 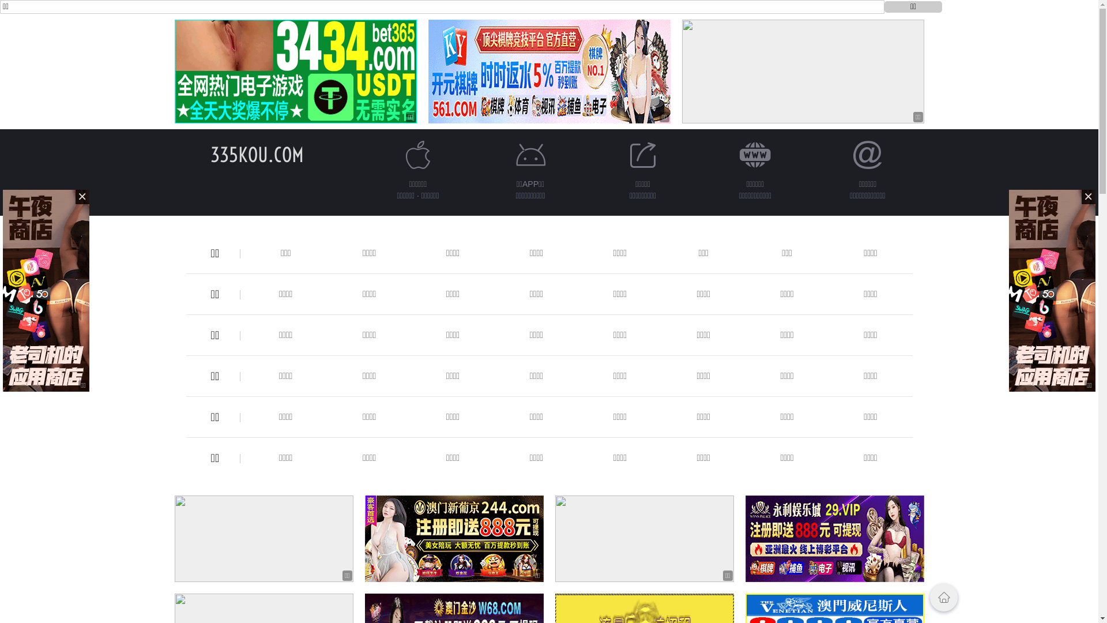 I want to click on '335KOU.COM', so click(x=256, y=154).